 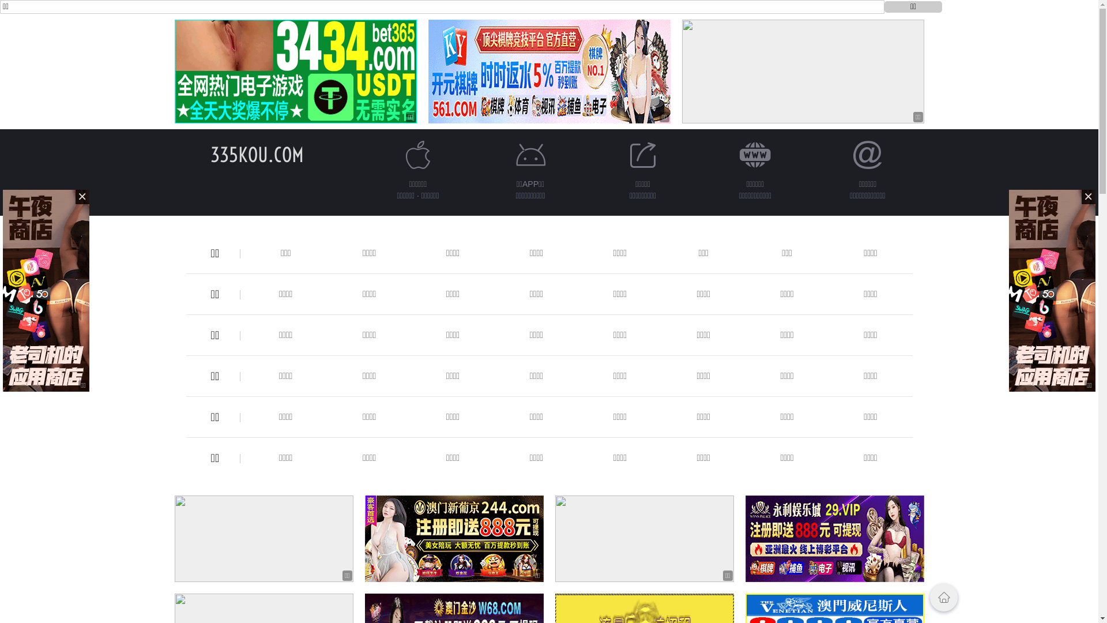 I want to click on '335KOU.COM', so click(x=256, y=154).